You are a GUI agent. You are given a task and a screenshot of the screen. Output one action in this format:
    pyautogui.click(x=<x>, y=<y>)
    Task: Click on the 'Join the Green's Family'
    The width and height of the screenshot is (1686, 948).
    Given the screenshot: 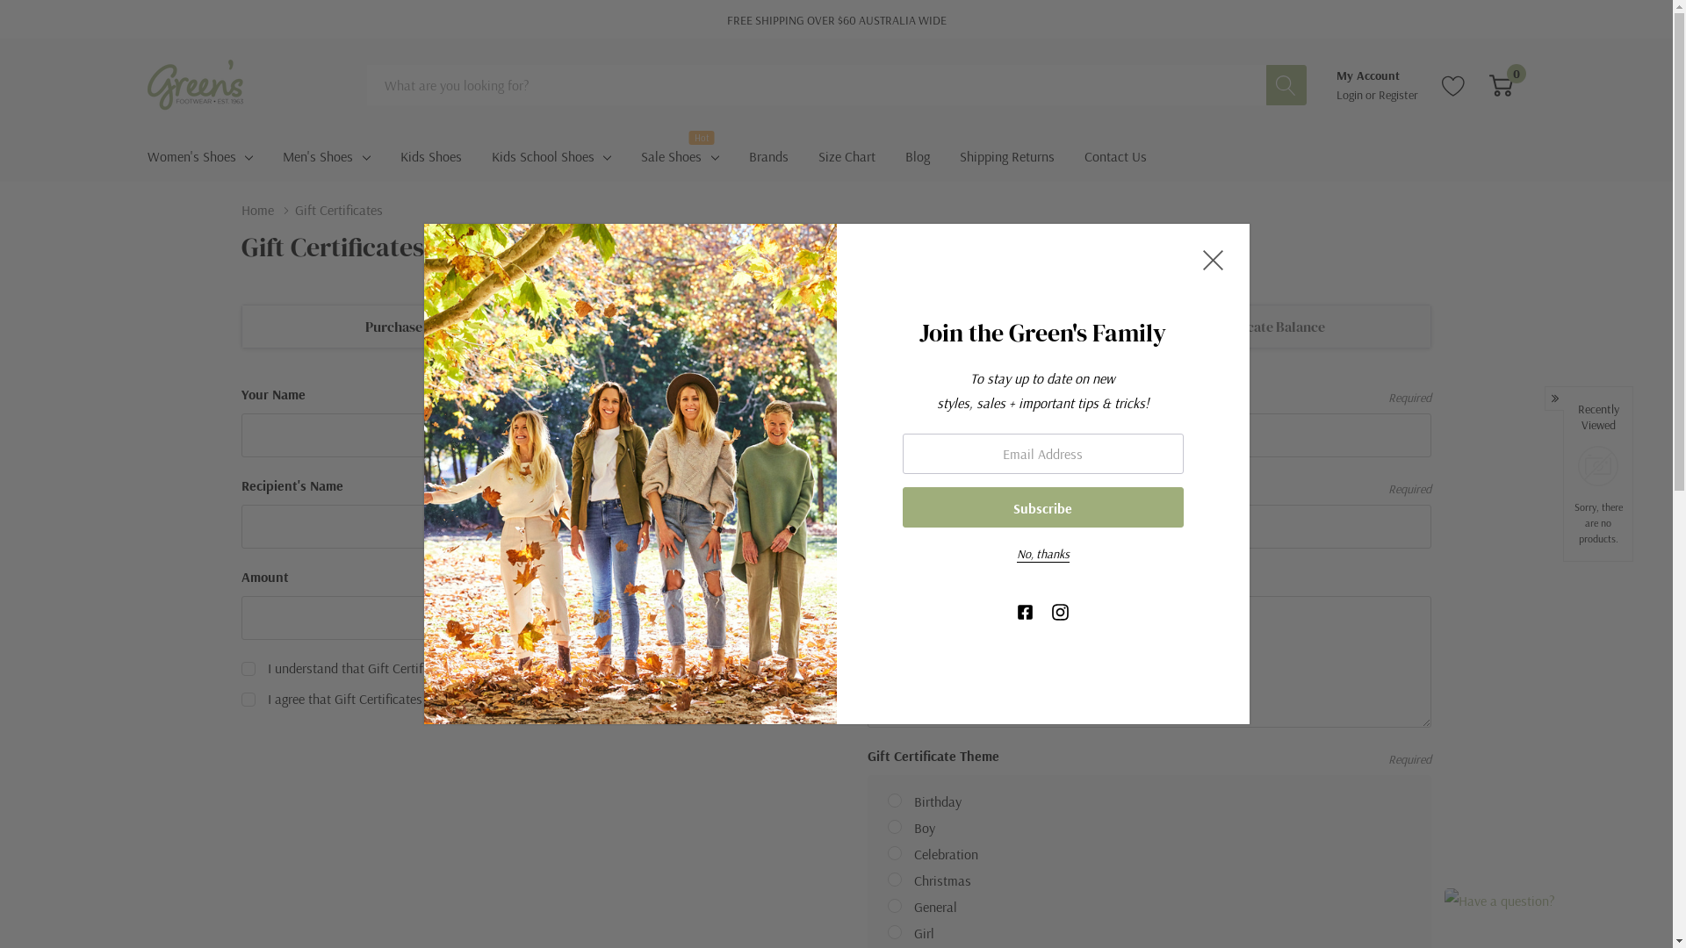 What is the action you would take?
    pyautogui.click(x=422, y=474)
    